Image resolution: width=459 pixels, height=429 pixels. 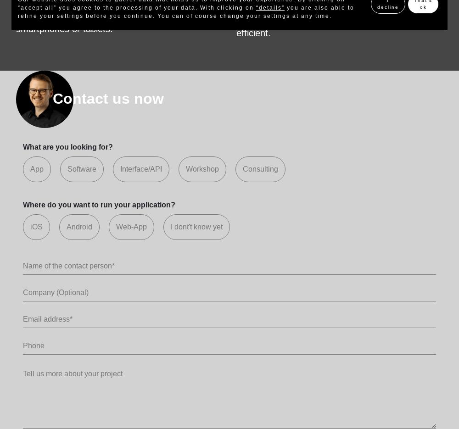 I want to click on 'Workshop', so click(x=186, y=168).